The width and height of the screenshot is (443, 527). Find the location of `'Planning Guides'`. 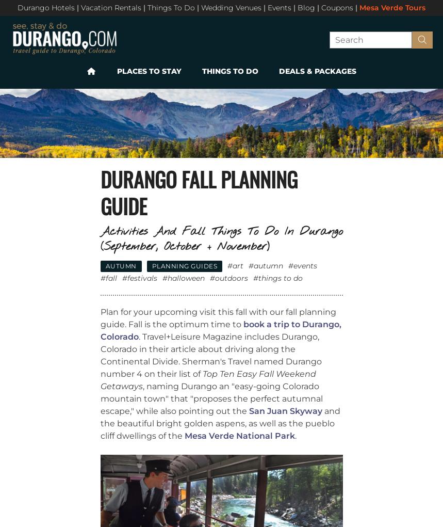

'Planning Guides' is located at coordinates (184, 265).